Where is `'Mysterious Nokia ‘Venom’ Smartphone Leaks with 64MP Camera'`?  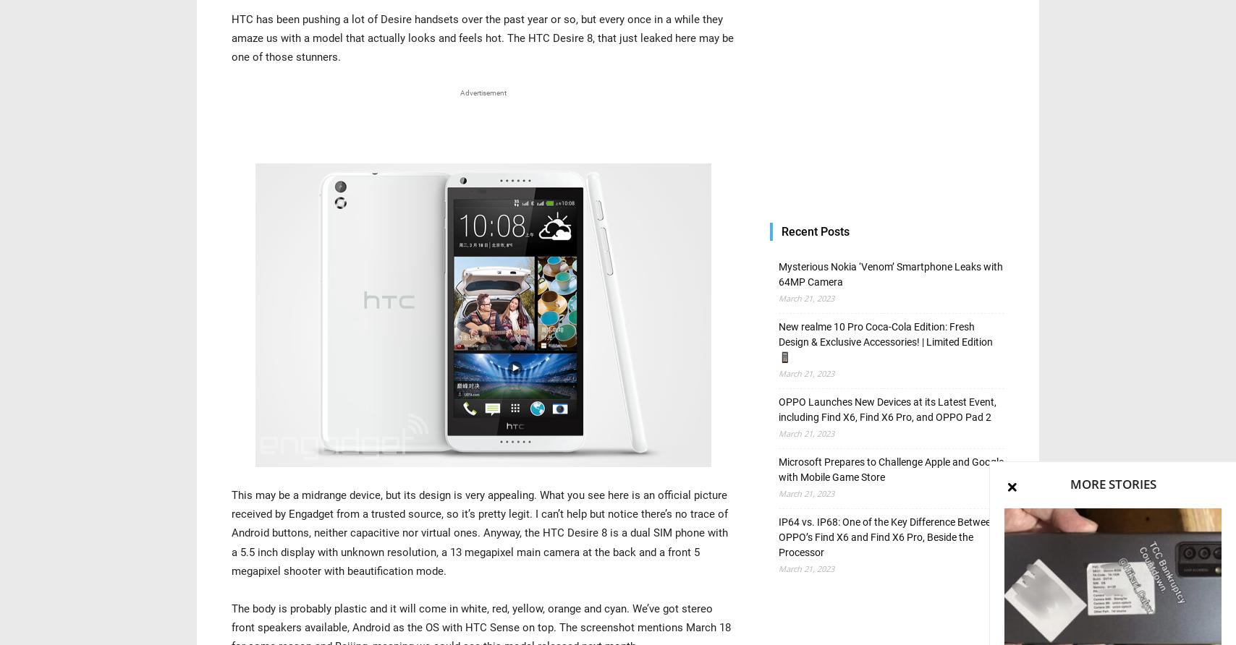 'Mysterious Nokia ‘Venom’ Smartphone Leaks with 64MP Camera' is located at coordinates (779, 273).